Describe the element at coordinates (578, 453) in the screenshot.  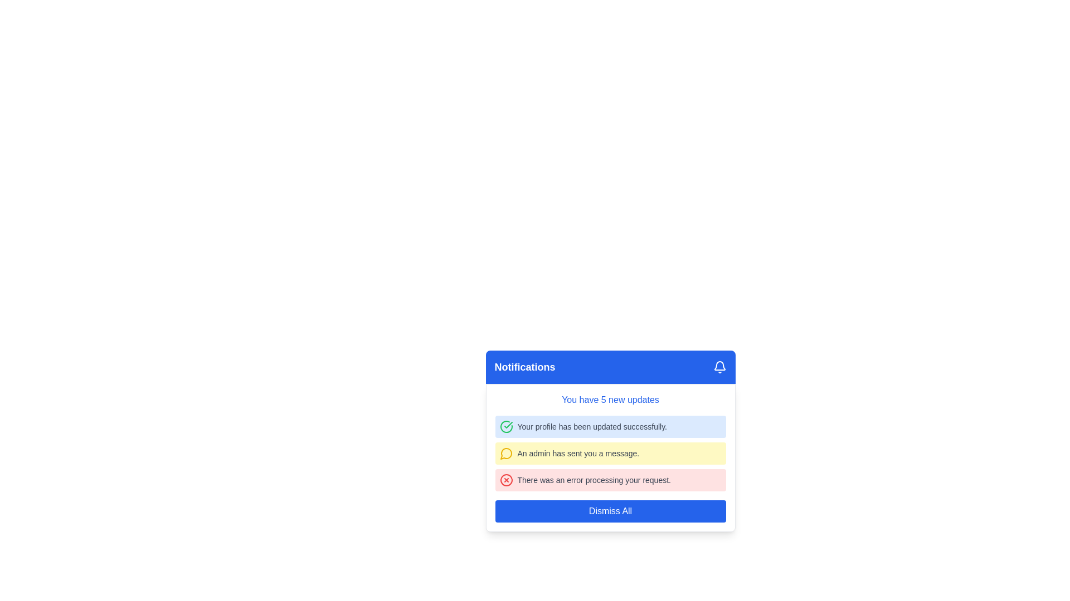
I see `static text message 'An admin has sent you a message.' displayed in bold gray font within the notification card` at that location.